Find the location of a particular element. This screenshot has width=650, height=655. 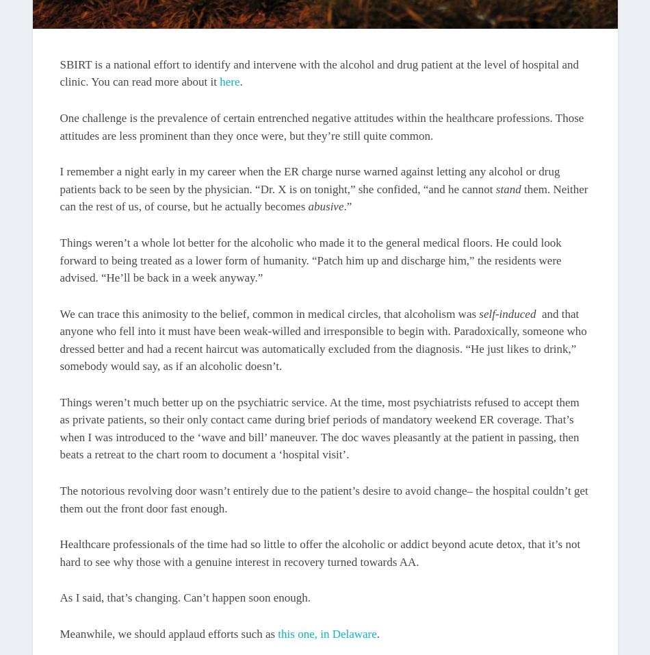

'abusive' is located at coordinates (326, 206).